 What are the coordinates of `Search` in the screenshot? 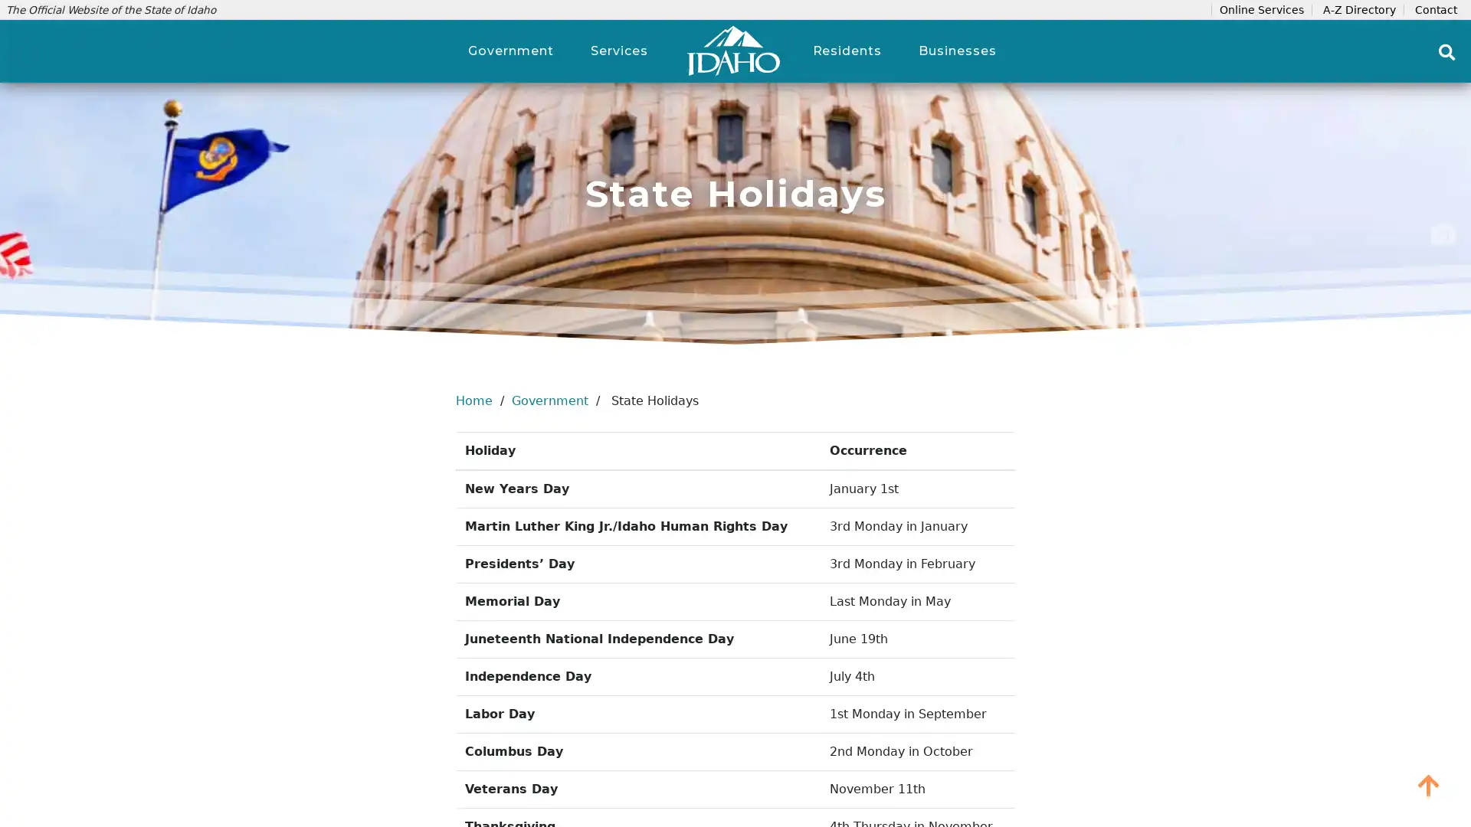 It's located at (1446, 51).